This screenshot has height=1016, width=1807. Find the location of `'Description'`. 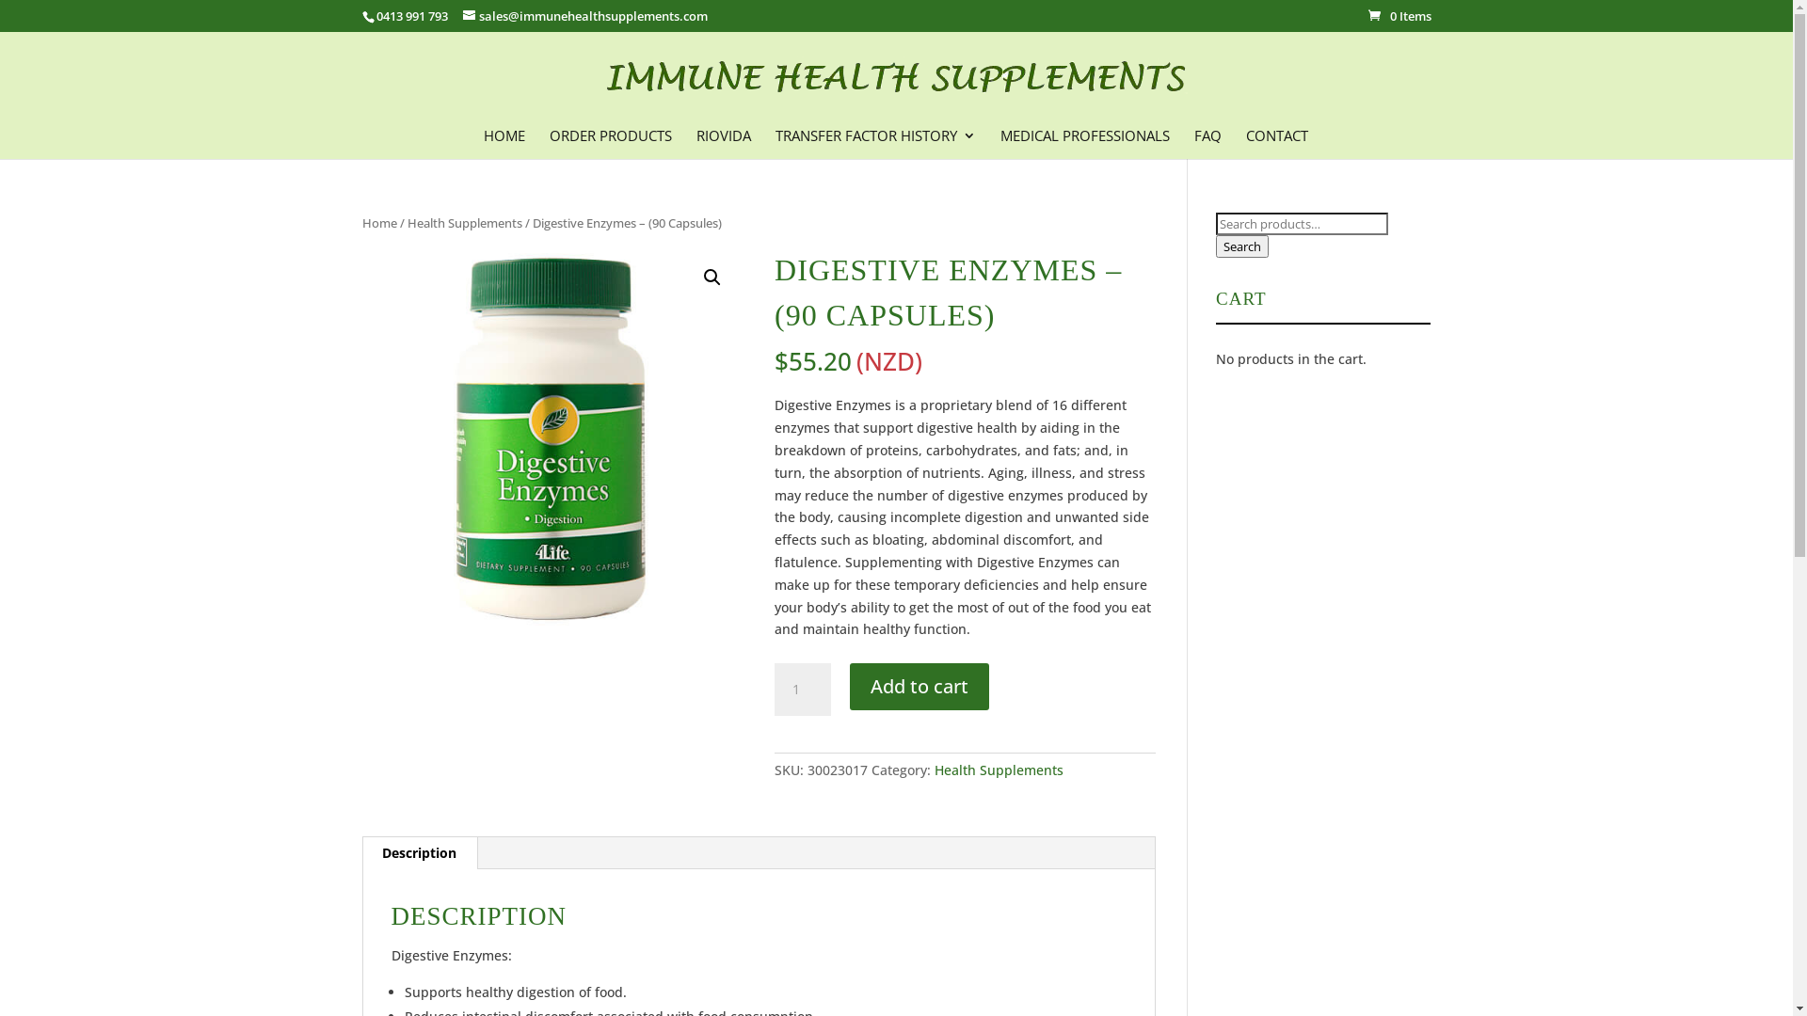

'Description' is located at coordinates (418, 852).